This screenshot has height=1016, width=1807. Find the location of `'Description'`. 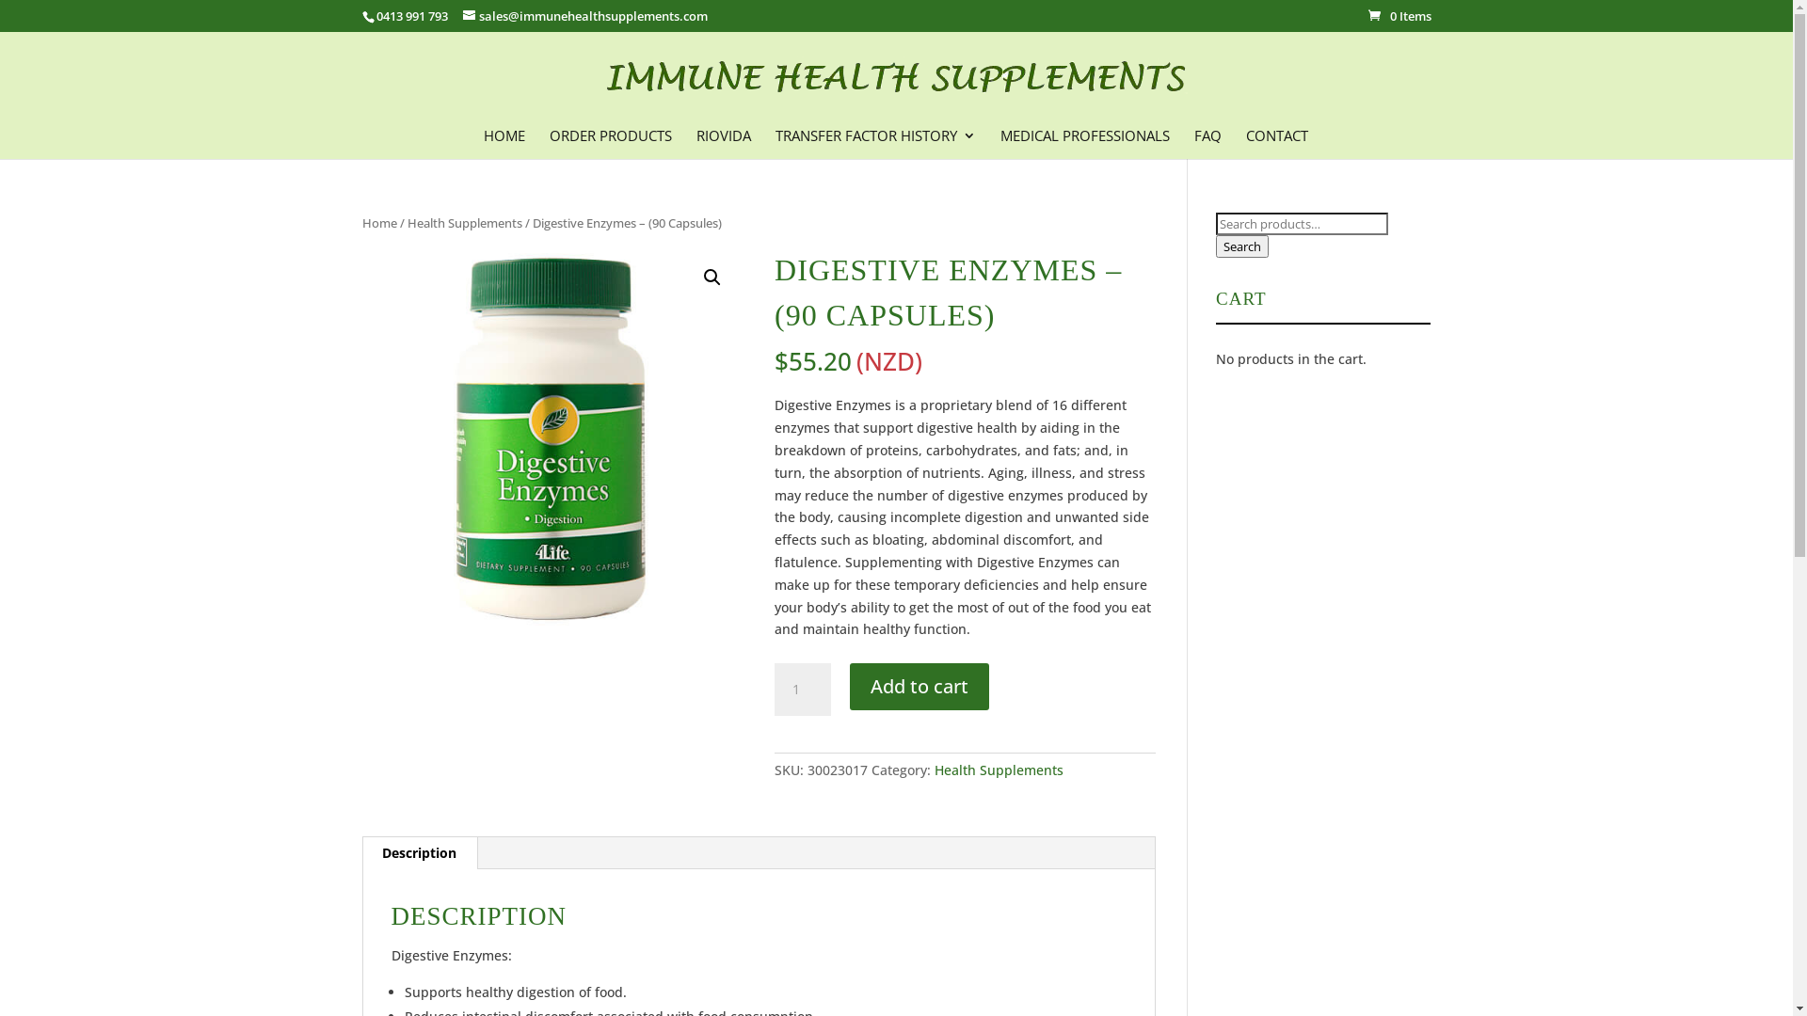

'Description' is located at coordinates (418, 852).